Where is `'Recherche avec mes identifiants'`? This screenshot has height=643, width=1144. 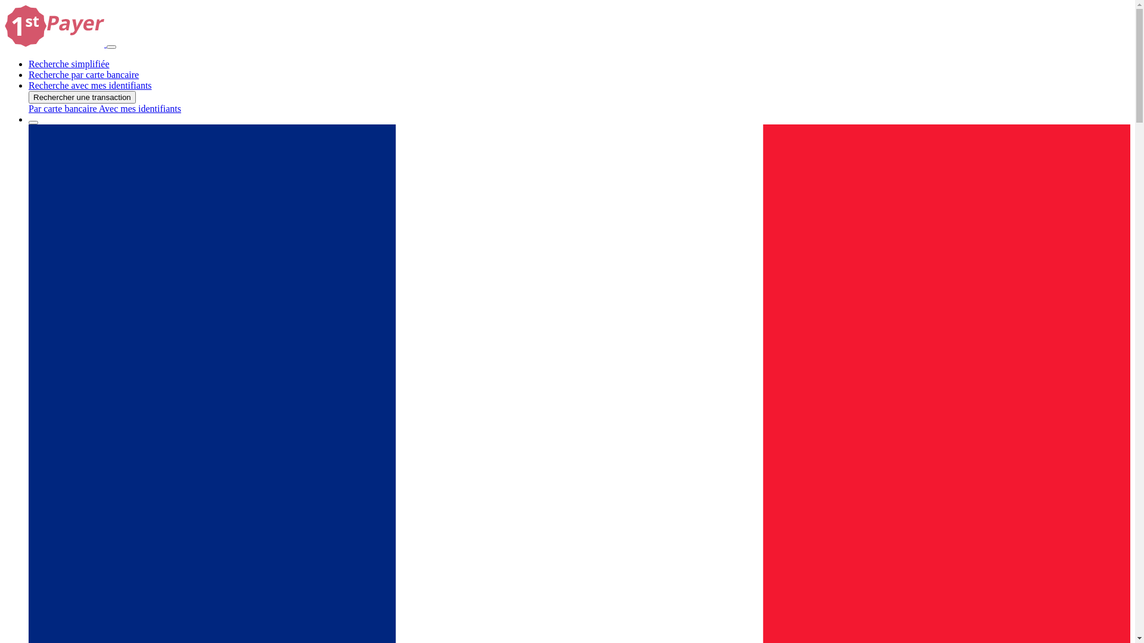
'Recherche avec mes identifiants' is located at coordinates (89, 85).